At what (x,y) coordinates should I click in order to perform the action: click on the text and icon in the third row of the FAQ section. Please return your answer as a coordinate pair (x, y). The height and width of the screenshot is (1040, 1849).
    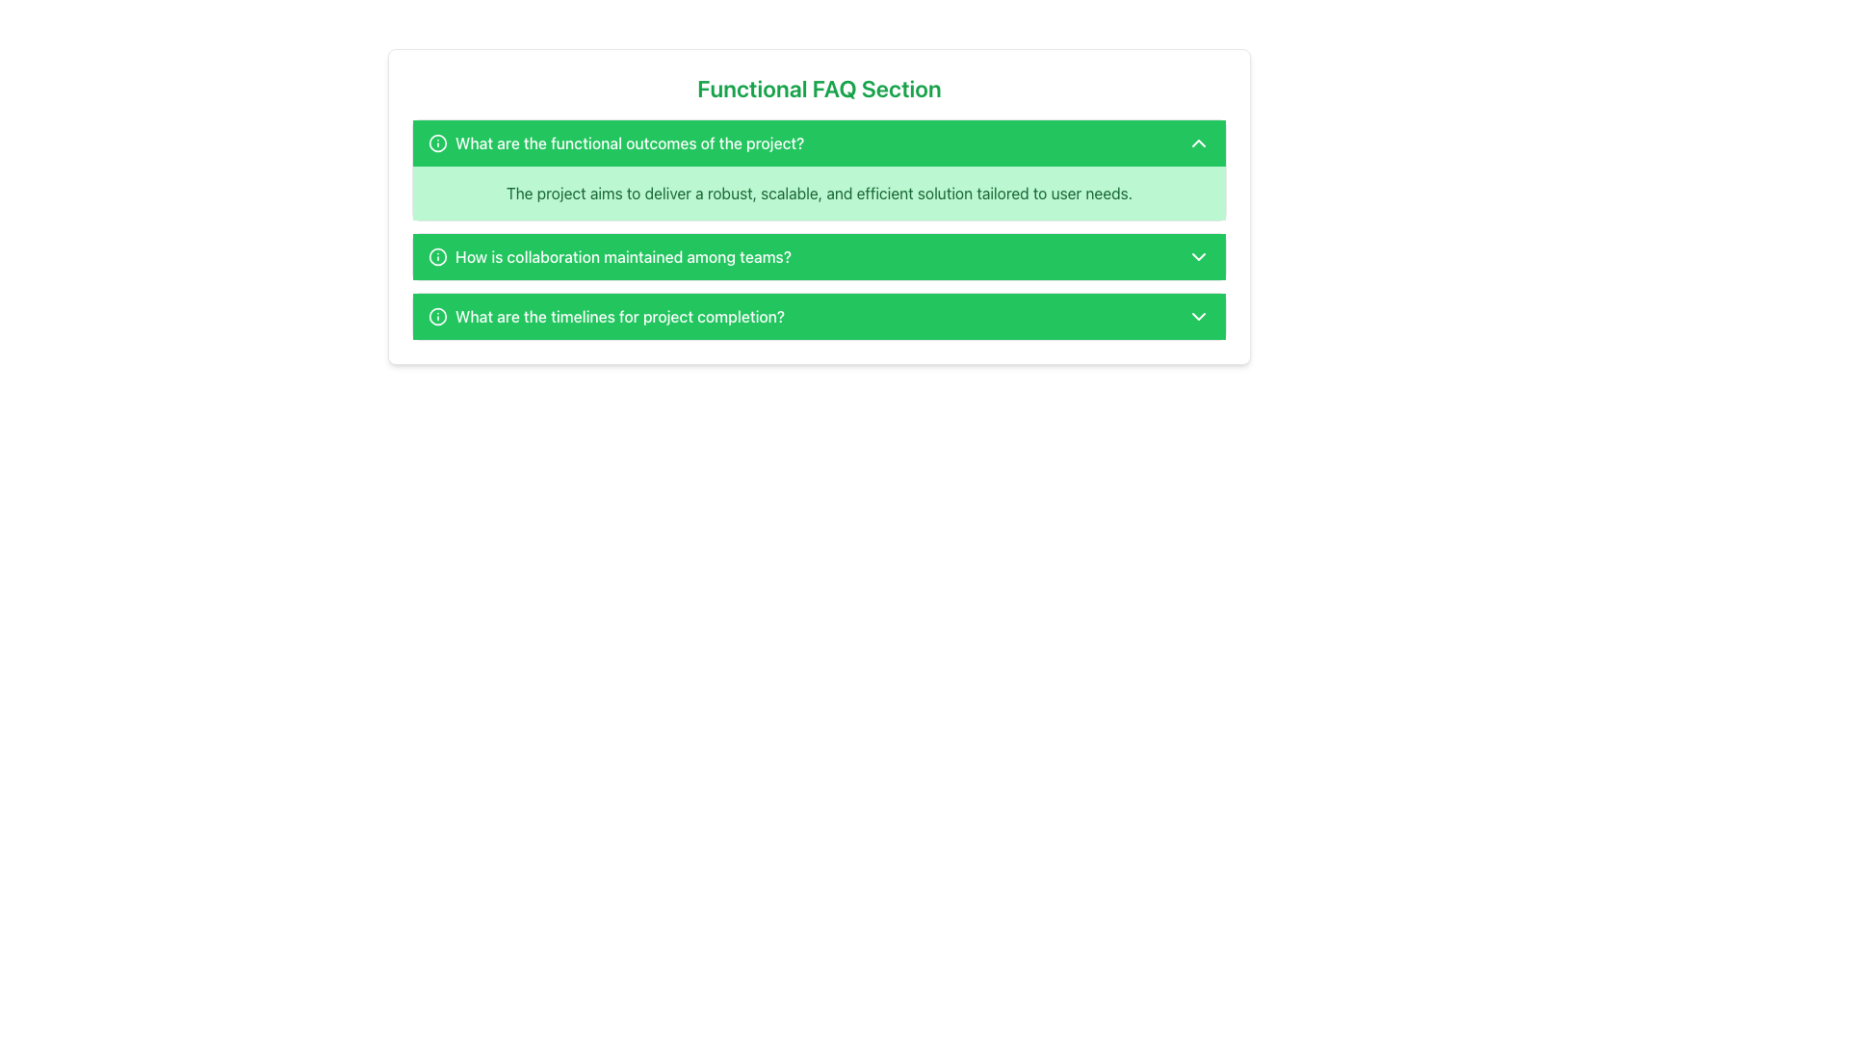
    Looking at the image, I should click on (606, 315).